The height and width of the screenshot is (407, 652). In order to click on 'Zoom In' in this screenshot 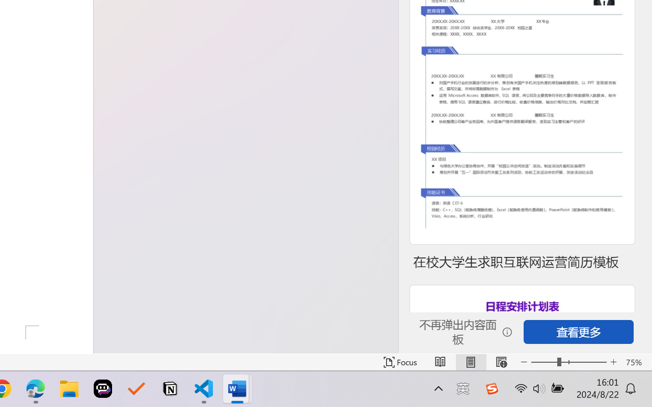, I will do `click(613, 362)`.